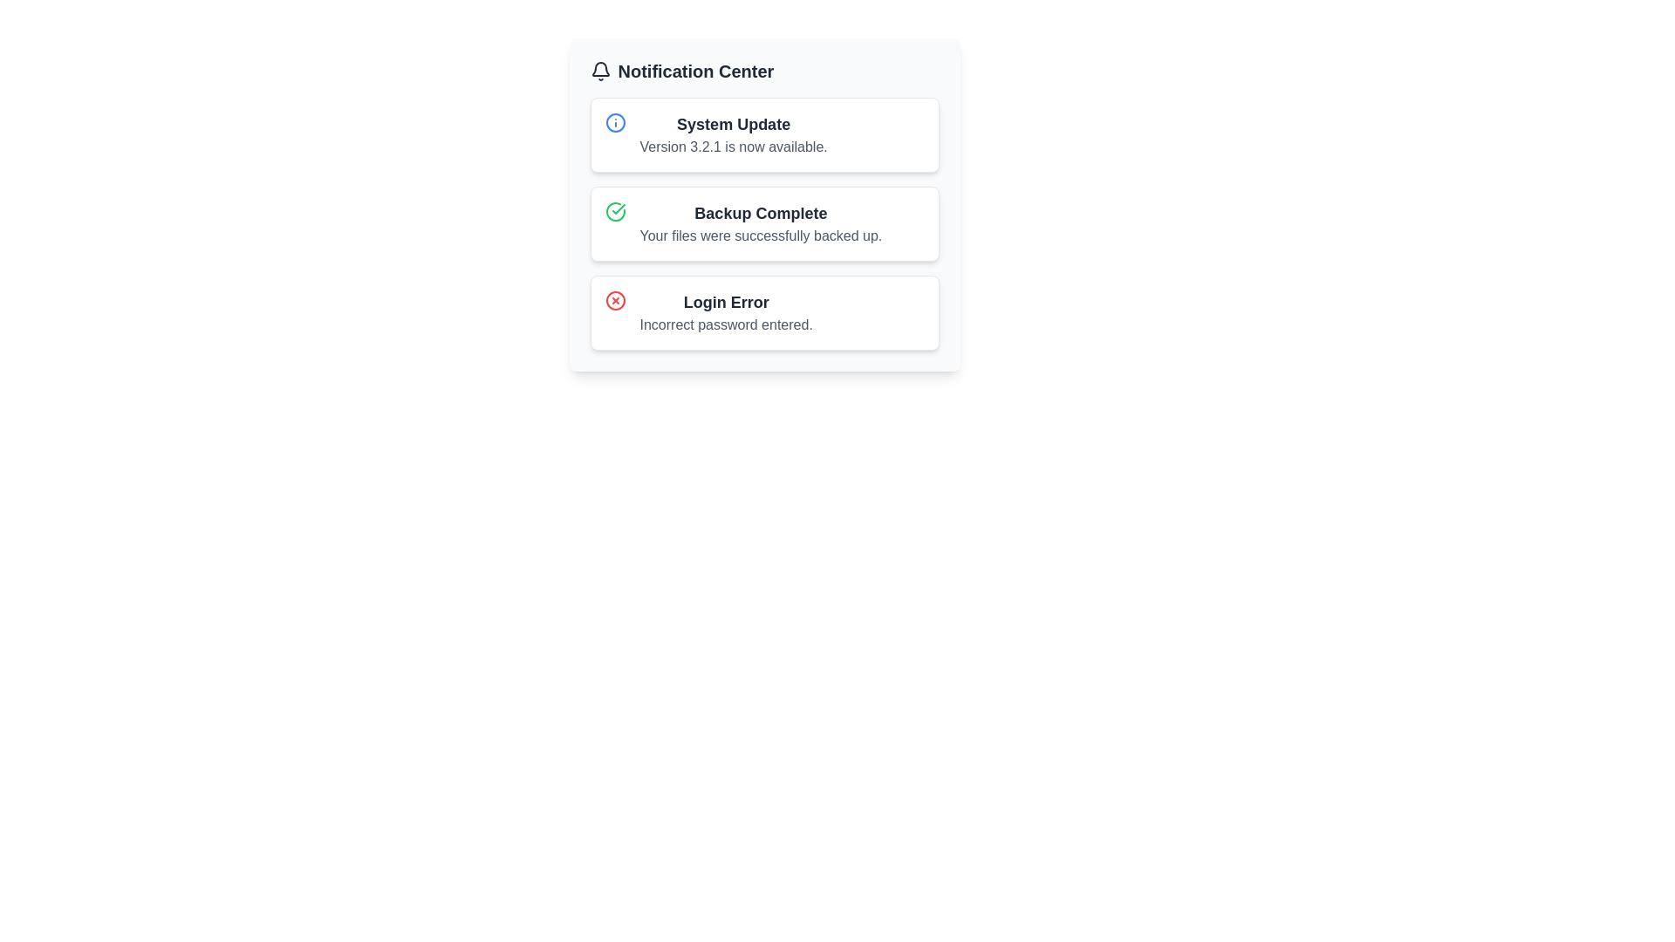 This screenshot has width=1675, height=942. What do you see at coordinates (764, 223) in the screenshot?
I see `notification text from the Notification card indicating that a backup operation has successfully completed, which is the second notification in the Notification Center section` at bounding box center [764, 223].